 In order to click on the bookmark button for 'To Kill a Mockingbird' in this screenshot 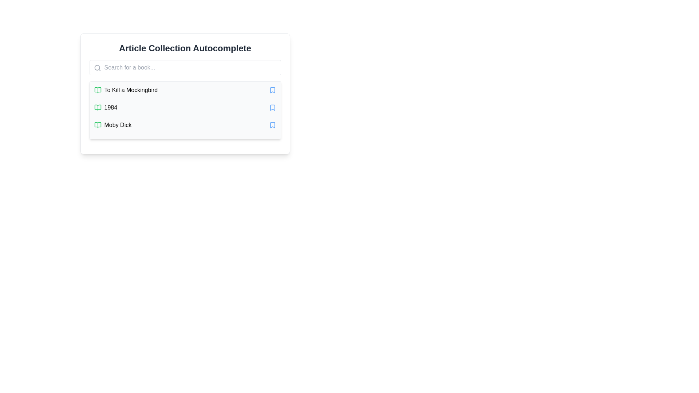, I will do `click(272, 90)`.